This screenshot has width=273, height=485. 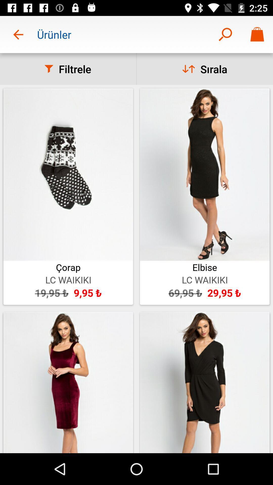 What do you see at coordinates (205, 196) in the screenshot?
I see `the image which says elbise` at bounding box center [205, 196].